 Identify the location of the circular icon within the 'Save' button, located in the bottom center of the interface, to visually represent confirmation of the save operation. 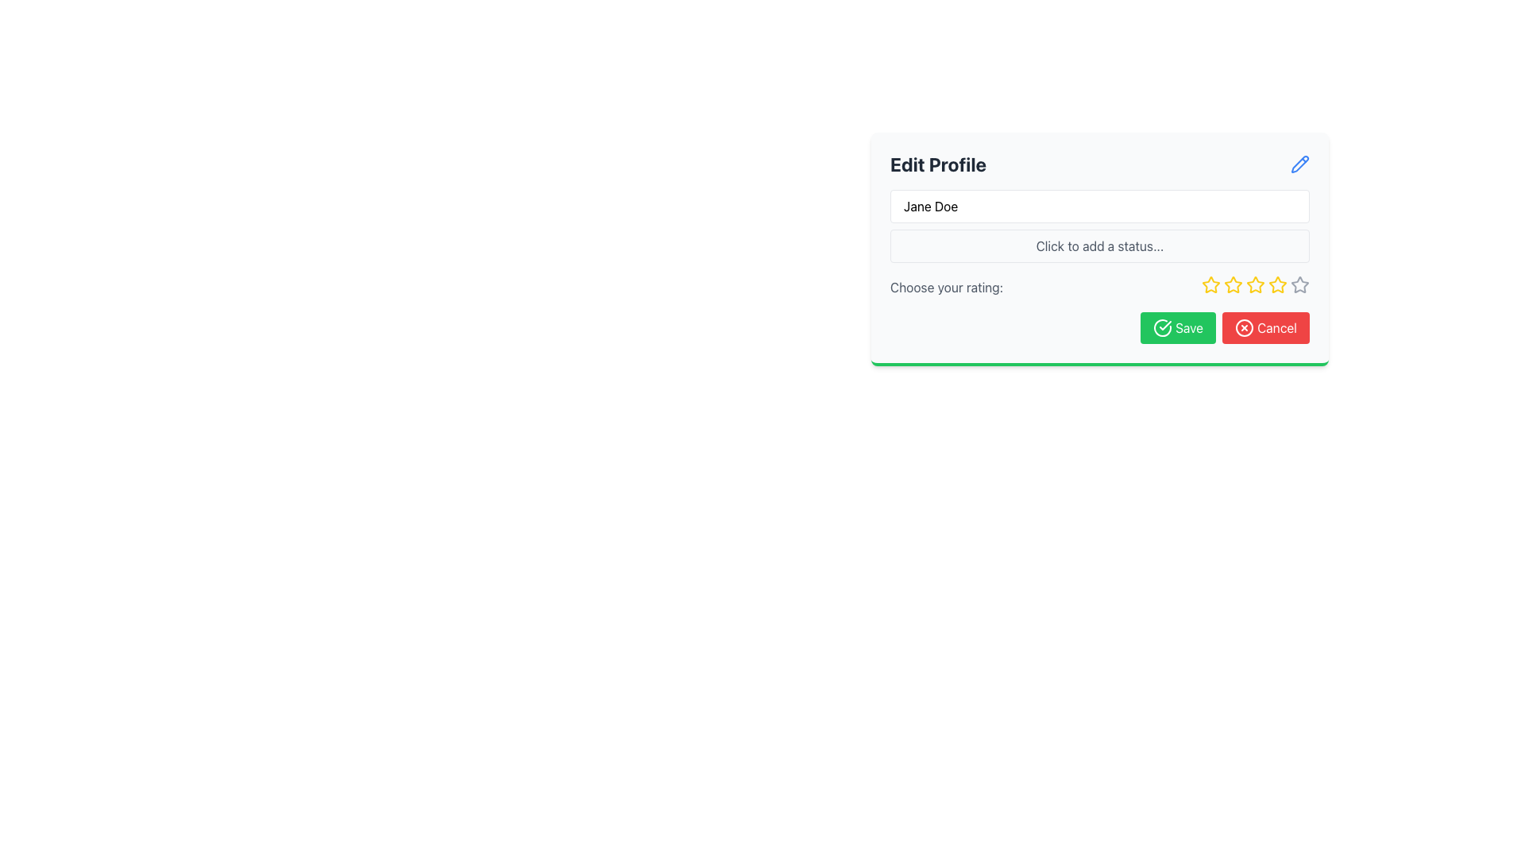
(1163, 327).